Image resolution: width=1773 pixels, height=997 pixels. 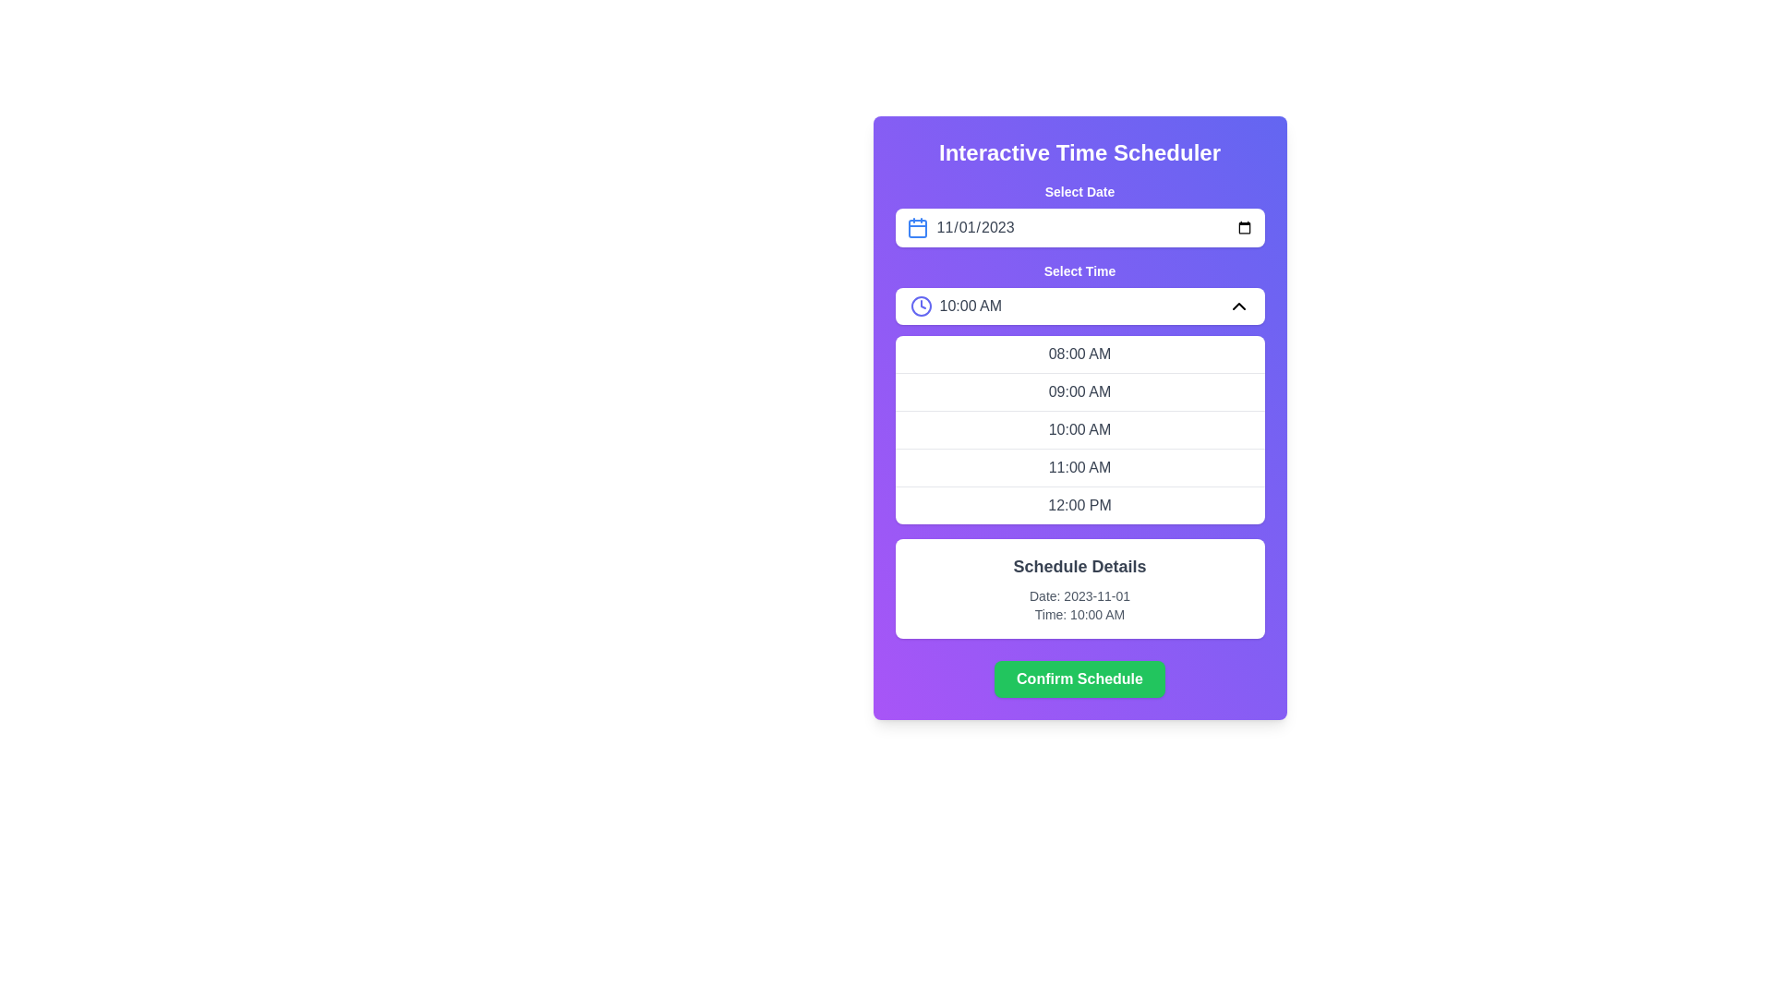 What do you see at coordinates (1079, 588) in the screenshot?
I see `text contained in the white, rounded rectangle labeled 'Schedule Details', which includes the date and time information` at bounding box center [1079, 588].